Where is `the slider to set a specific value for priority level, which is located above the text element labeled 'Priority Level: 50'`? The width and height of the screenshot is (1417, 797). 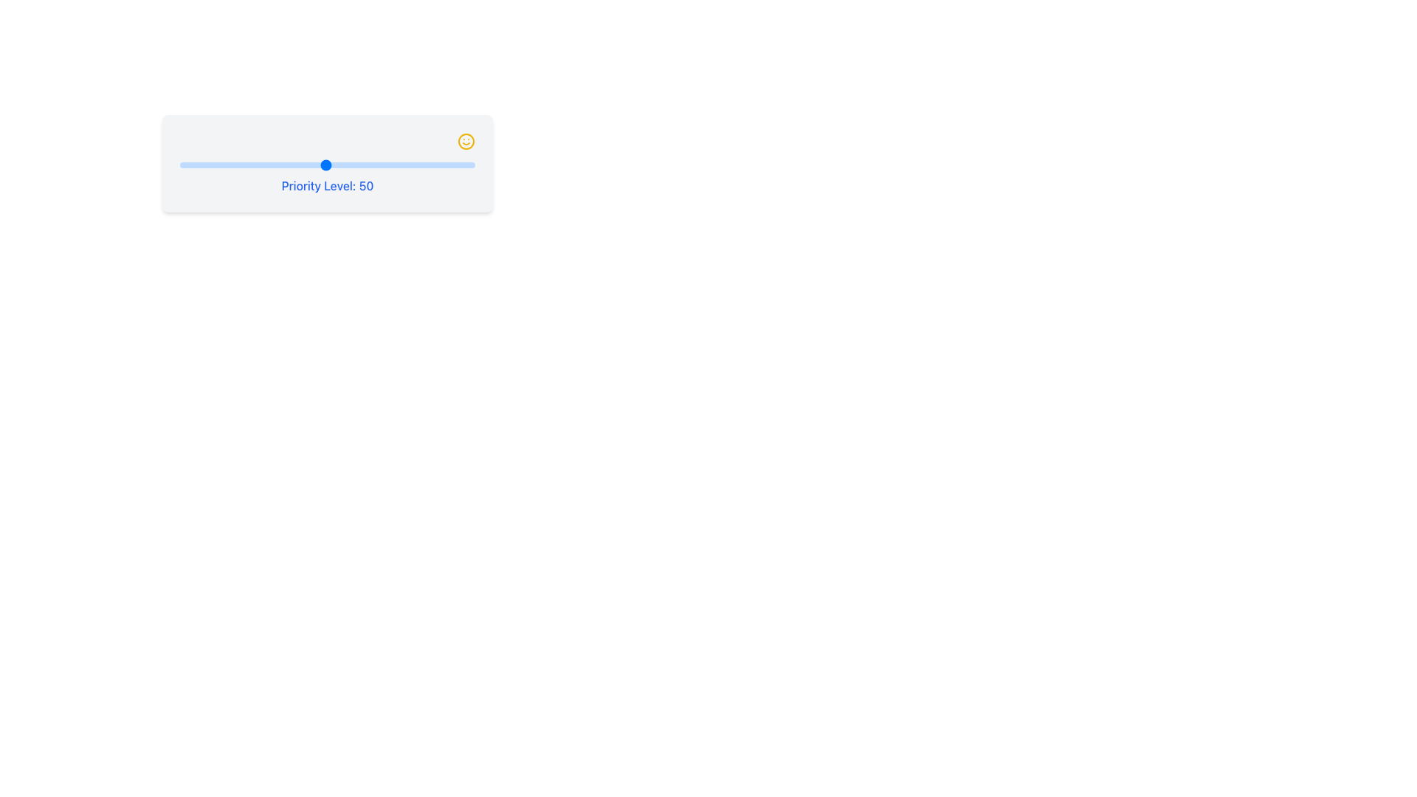 the slider to set a specific value for priority level, which is located above the text element labeled 'Priority Level: 50' is located at coordinates (327, 165).